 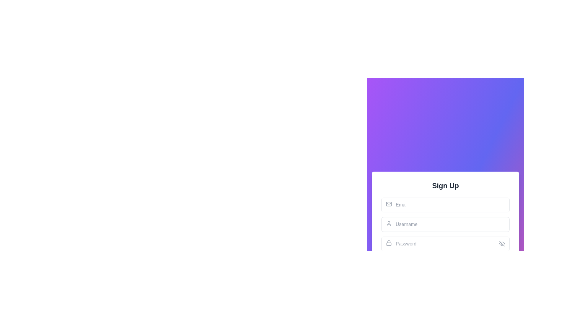 I want to click on the user icon represented as a line drawing of a person, styled with a gray color, located inside the form field to the left of the 'Username' text input field, so click(x=389, y=223).